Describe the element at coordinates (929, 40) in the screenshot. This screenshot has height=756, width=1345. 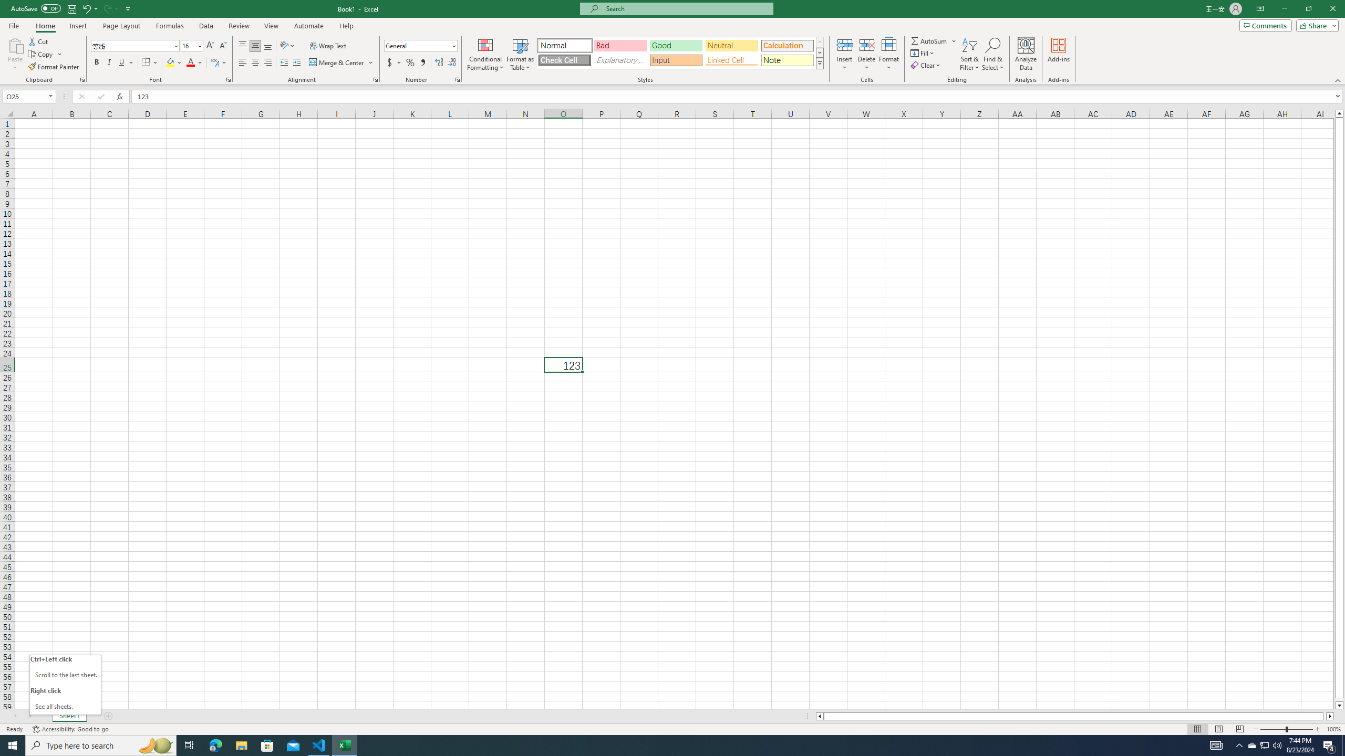
I see `'Sum'` at that location.